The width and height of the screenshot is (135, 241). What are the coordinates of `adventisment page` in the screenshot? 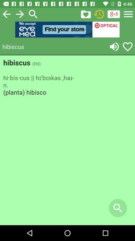 It's located at (67, 140).